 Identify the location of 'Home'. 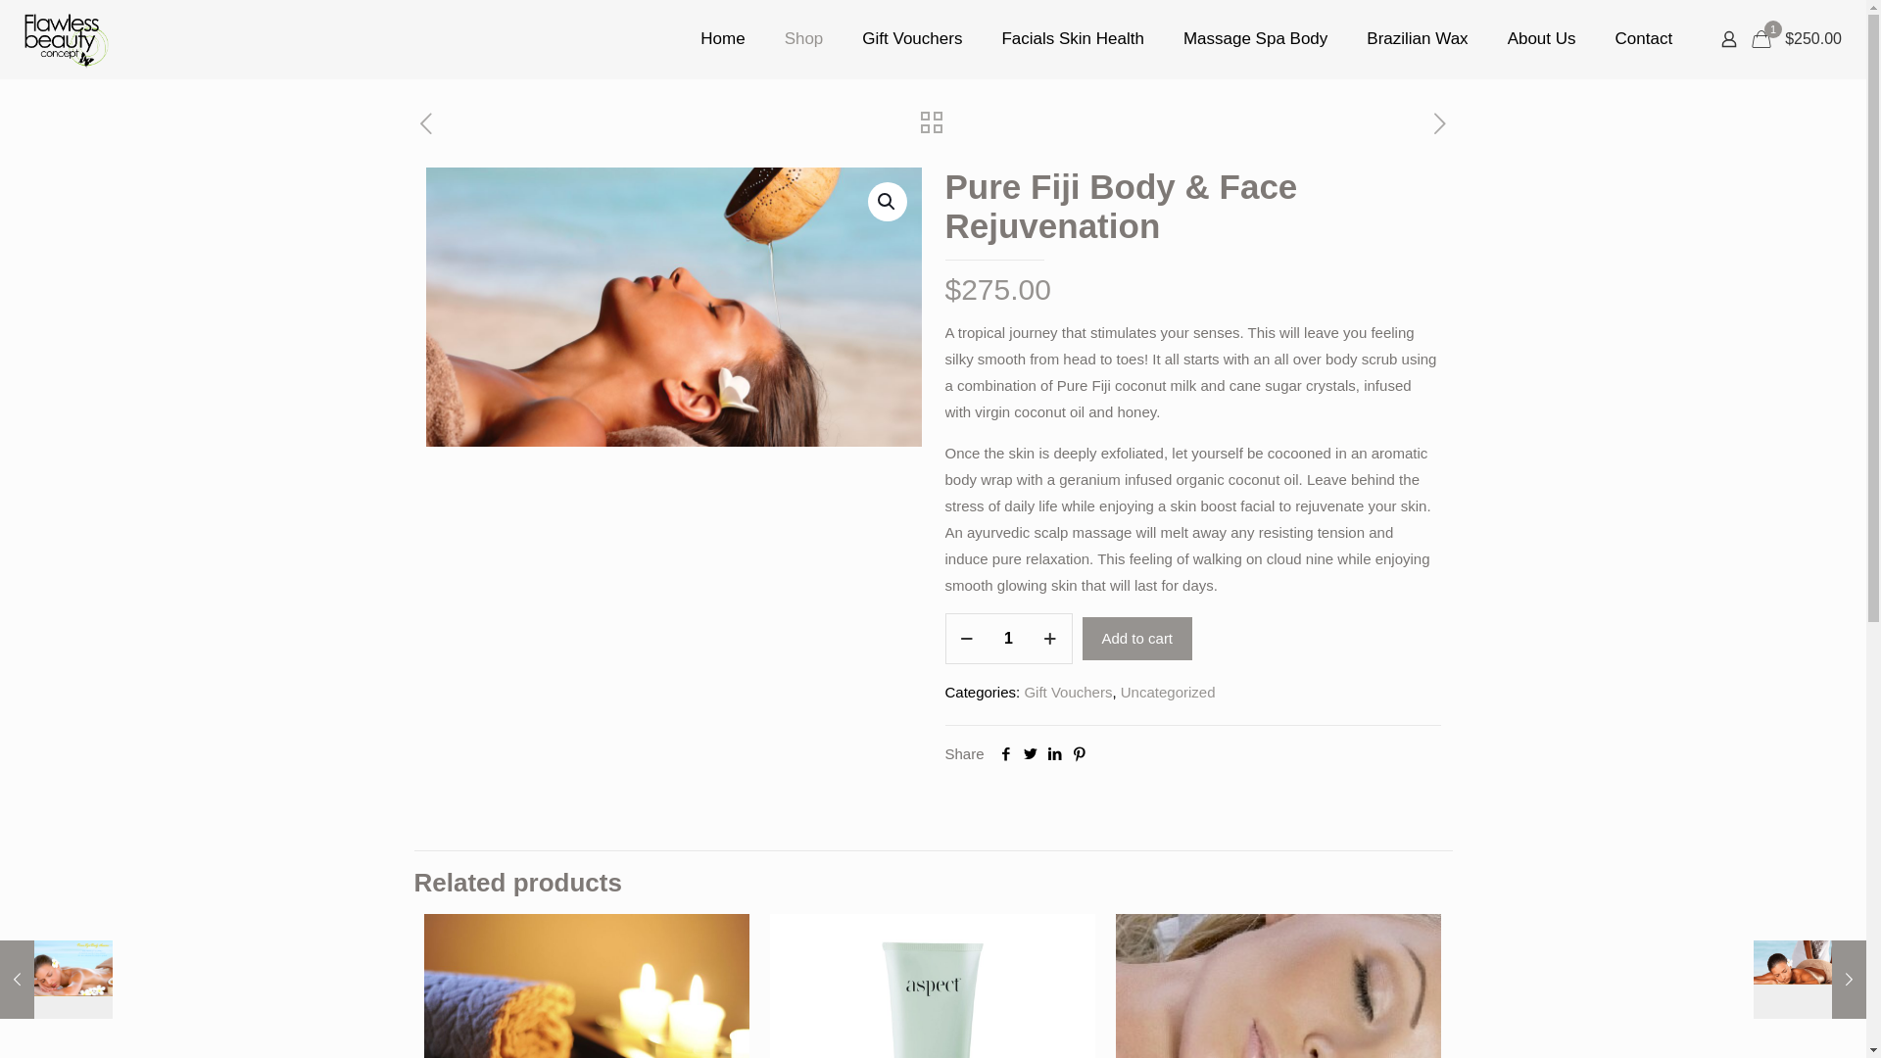
(721, 38).